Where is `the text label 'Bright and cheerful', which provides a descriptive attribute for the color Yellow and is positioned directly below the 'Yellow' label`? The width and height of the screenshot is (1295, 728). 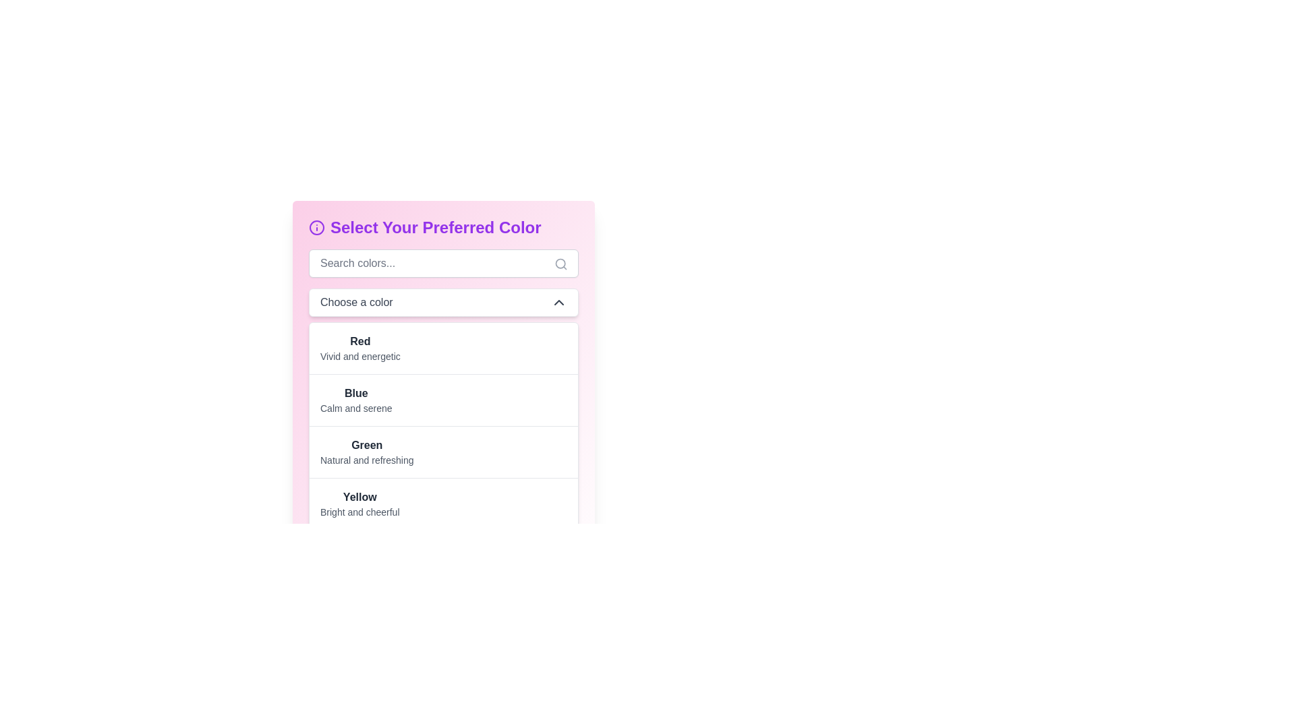 the text label 'Bright and cheerful', which provides a descriptive attribute for the color Yellow and is positioned directly below the 'Yellow' label is located at coordinates (359, 512).